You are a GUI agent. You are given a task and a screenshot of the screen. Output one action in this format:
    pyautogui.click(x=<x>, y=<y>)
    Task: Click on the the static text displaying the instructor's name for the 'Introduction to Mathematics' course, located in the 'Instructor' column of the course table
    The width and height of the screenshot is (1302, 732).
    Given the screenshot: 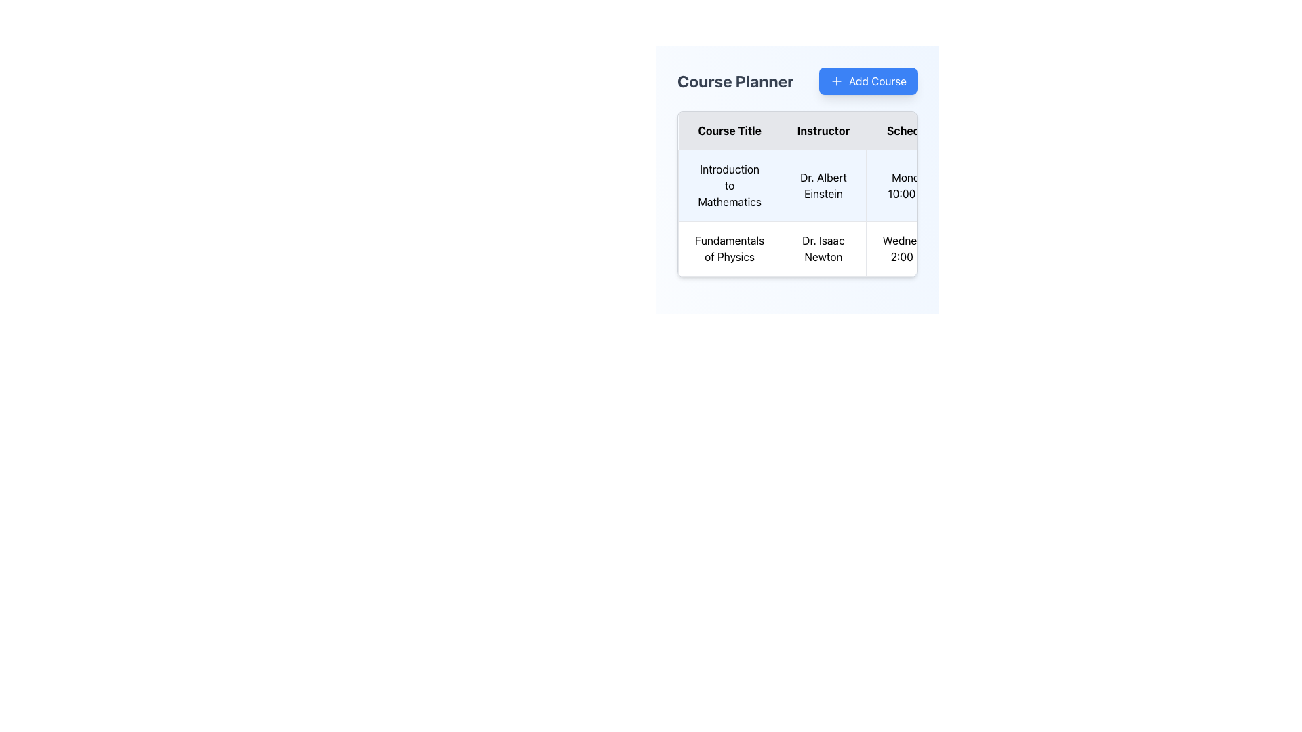 What is the action you would take?
    pyautogui.click(x=823, y=185)
    